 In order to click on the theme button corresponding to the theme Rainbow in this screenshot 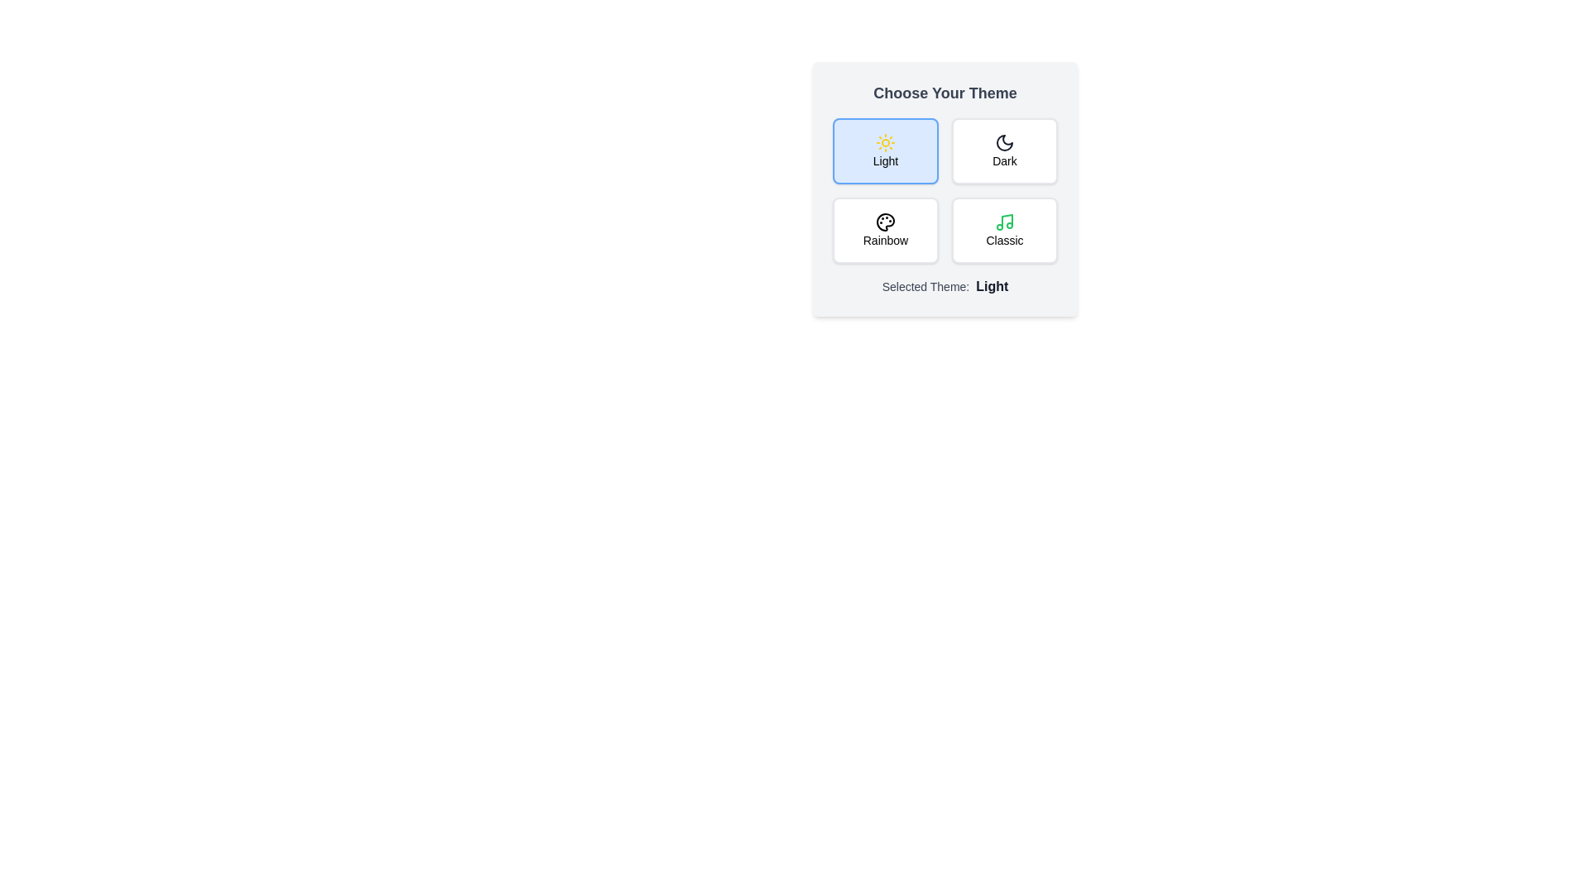, I will do `click(884, 230)`.